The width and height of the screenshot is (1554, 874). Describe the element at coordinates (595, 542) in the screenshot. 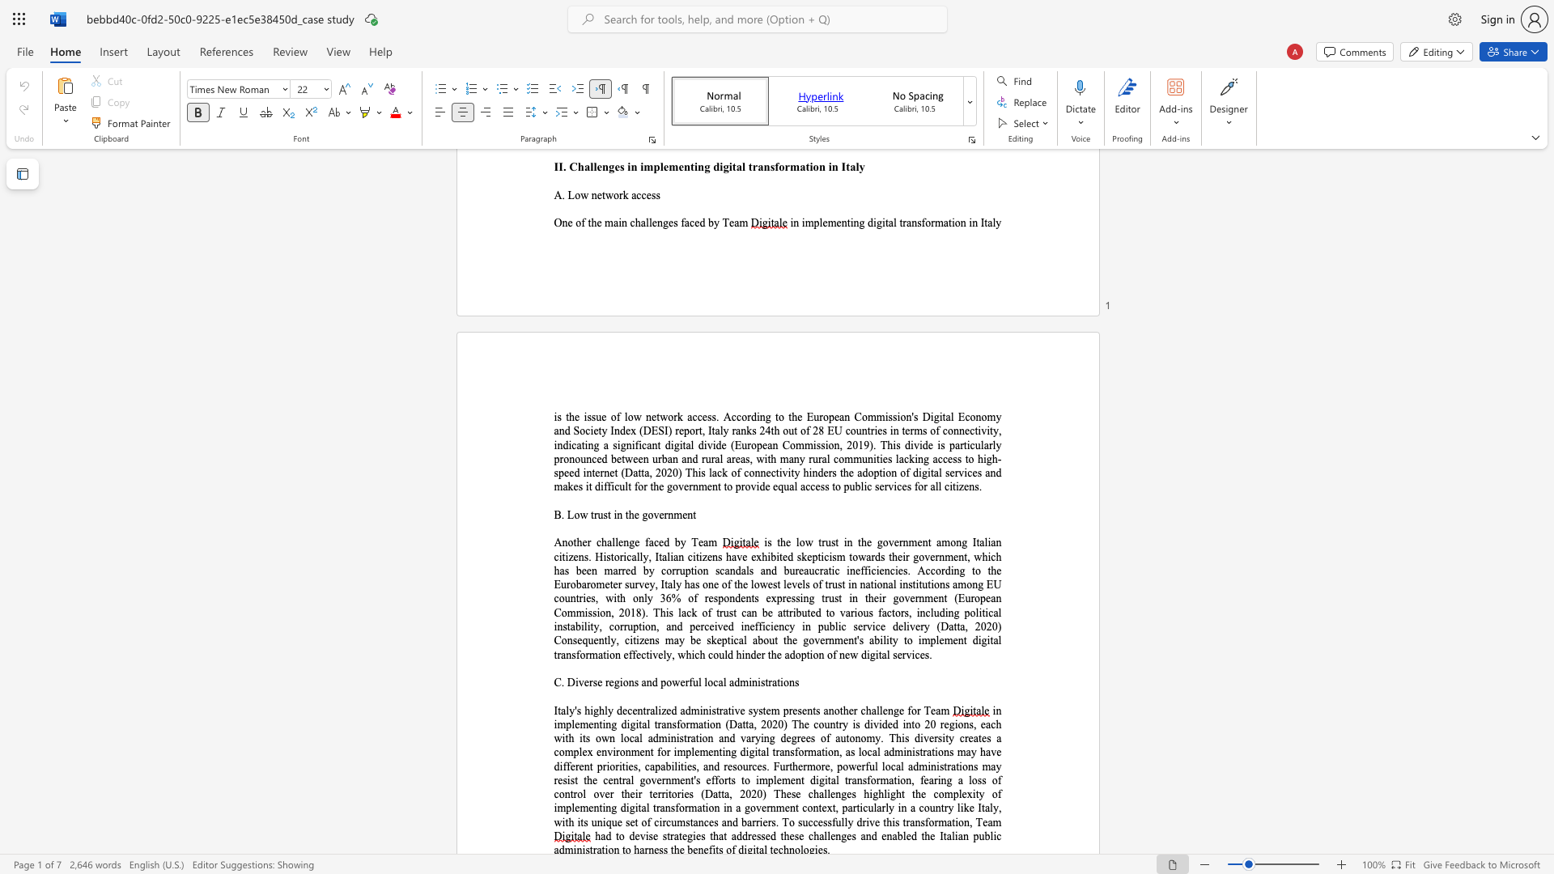

I see `the subset text "challen" within the text "Another challenge faced by Team"` at that location.